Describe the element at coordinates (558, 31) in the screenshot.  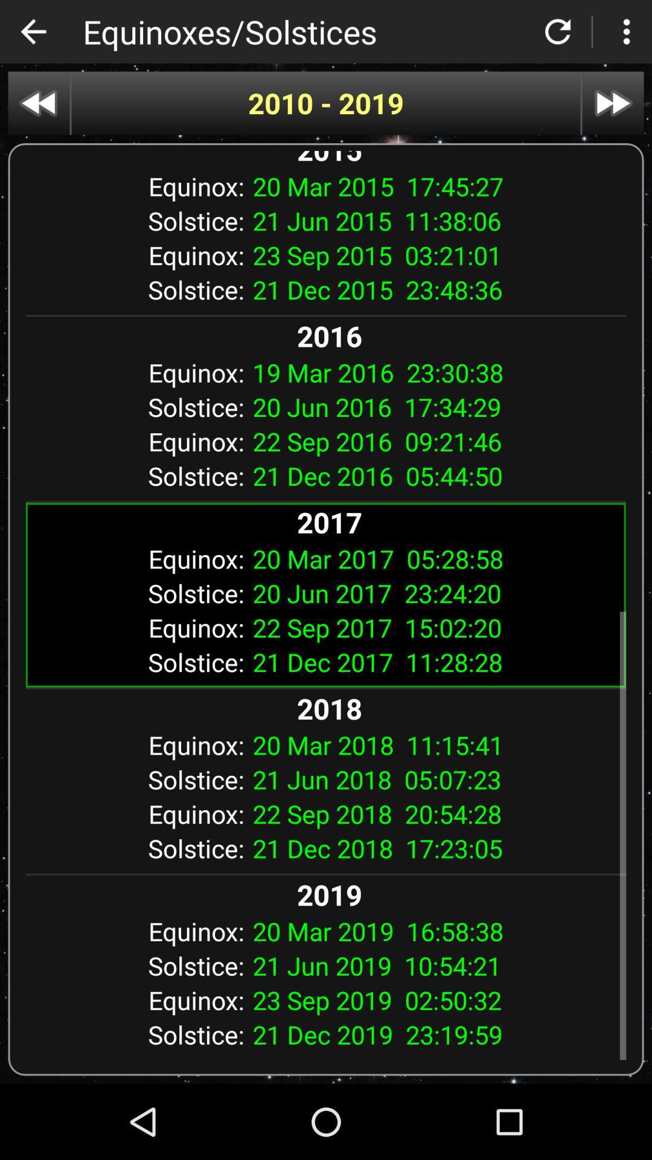
I see `the refresh icon` at that location.